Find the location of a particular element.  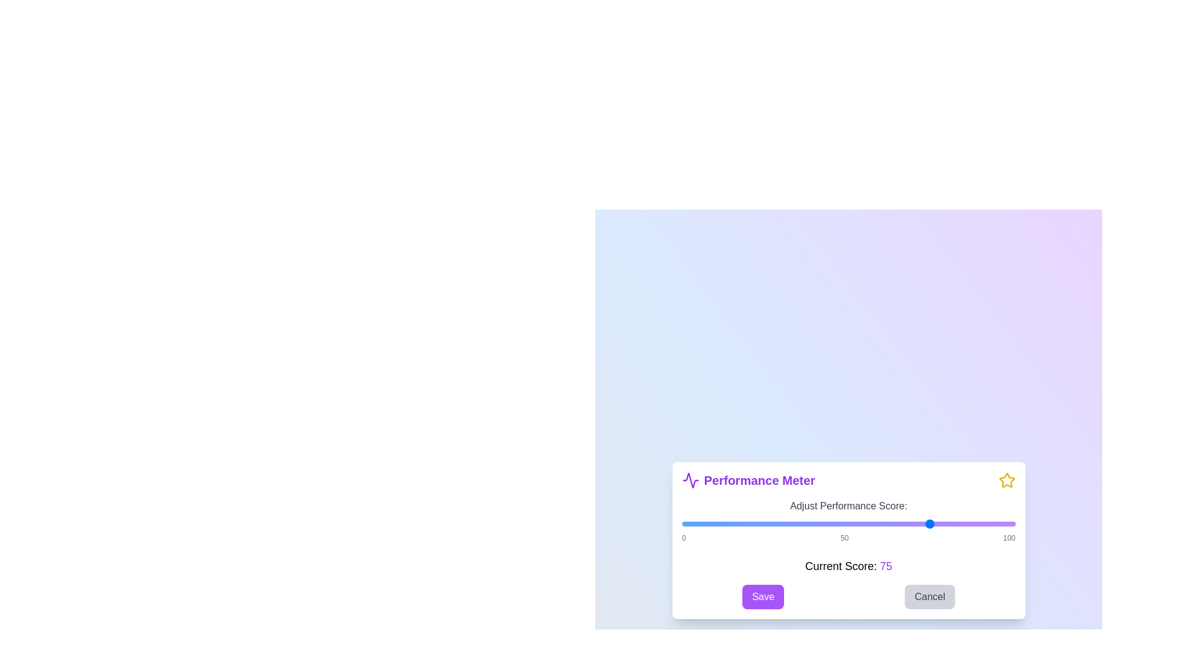

the 'Cancel' button is located at coordinates (930, 596).